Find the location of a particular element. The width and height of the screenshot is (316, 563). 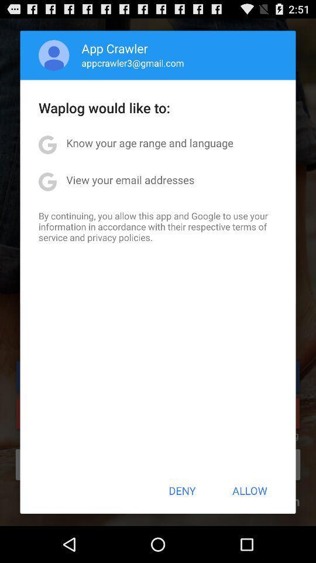

the app below the know your age item is located at coordinates (129, 179).